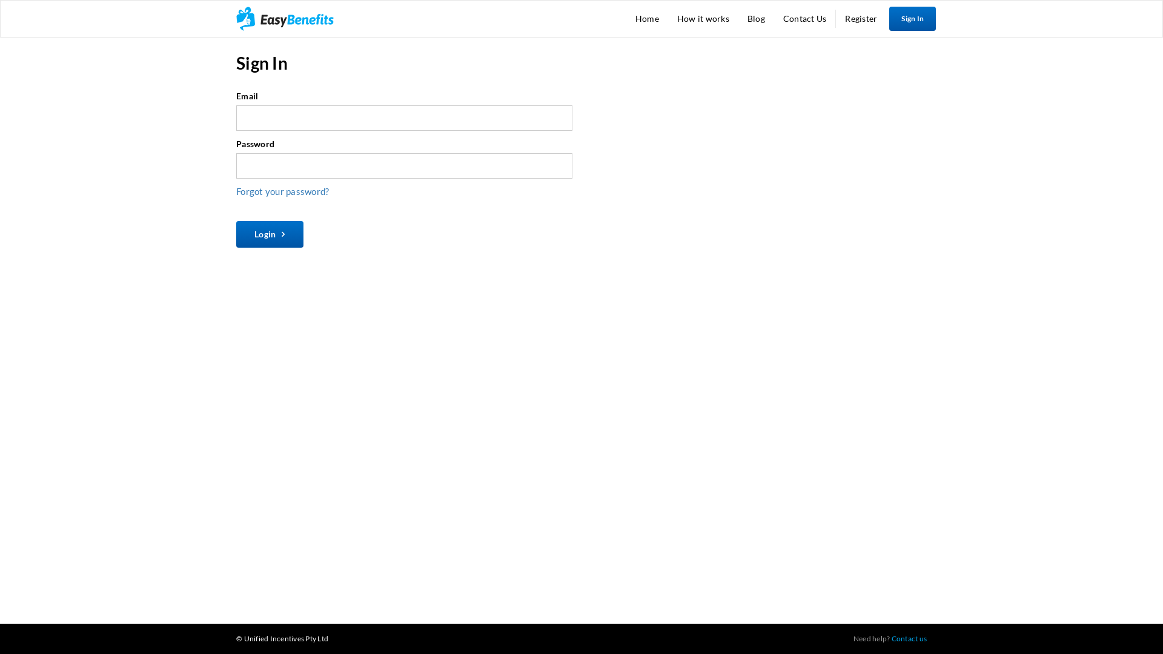  Describe the element at coordinates (909, 638) in the screenshot. I see `'Contact us'` at that location.